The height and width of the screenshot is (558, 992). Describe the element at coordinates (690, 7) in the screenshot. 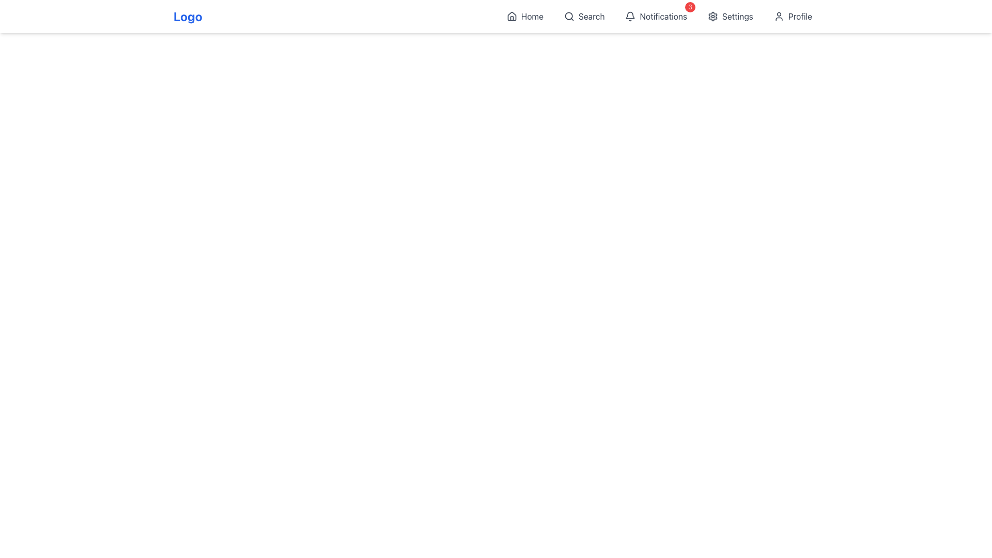

I see `the red circular Notification Badge displaying the number '3' in white text, located to the top-right of the 'Notifications' icon` at that location.